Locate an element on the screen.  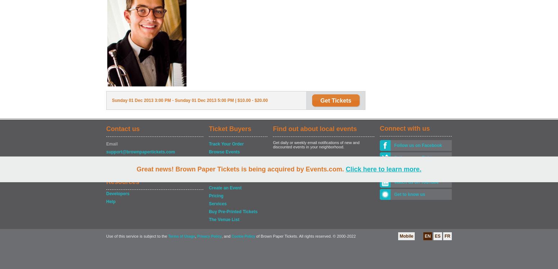
'Services' is located at coordinates (209, 203).